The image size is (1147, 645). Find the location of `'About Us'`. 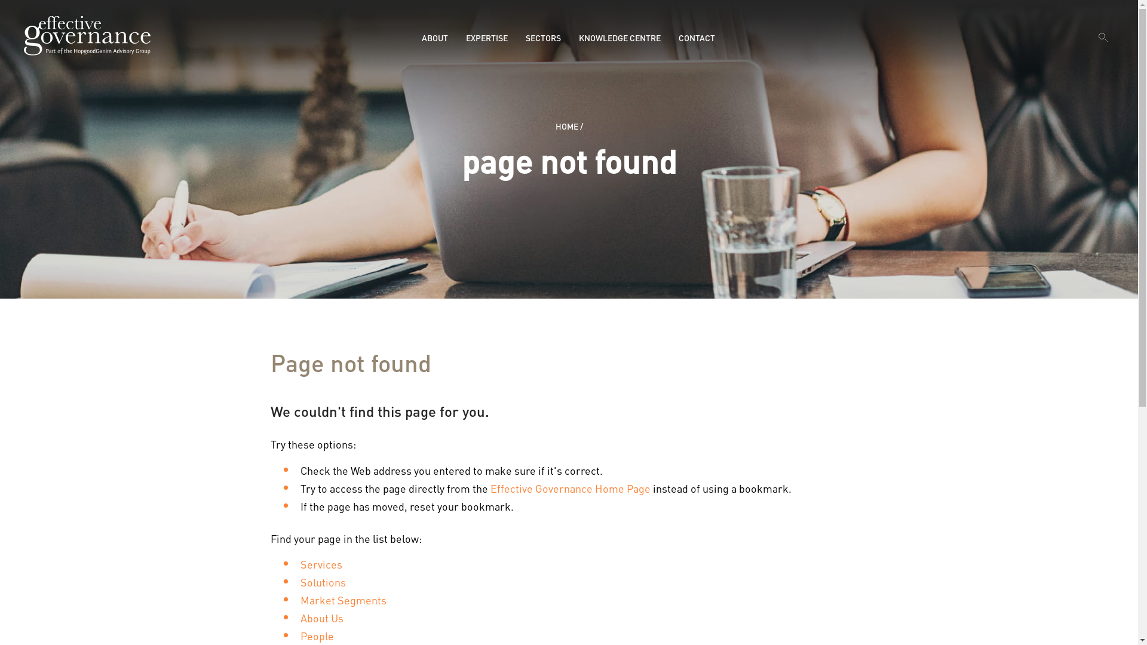

'About Us' is located at coordinates (300, 618).